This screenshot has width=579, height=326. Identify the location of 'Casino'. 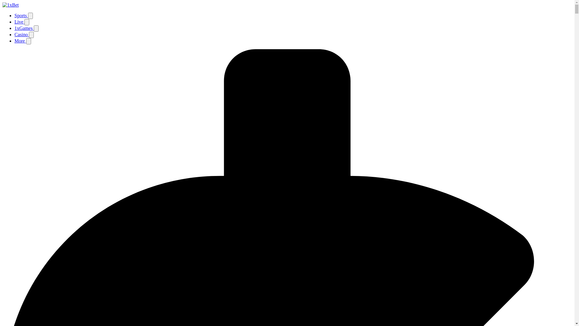
(22, 34).